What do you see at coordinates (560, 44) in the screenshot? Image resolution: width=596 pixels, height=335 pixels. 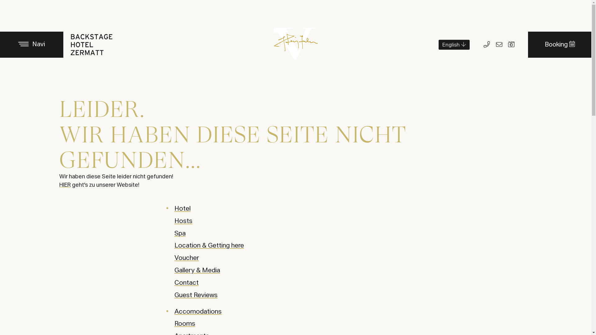 I see `'Booking'` at bounding box center [560, 44].